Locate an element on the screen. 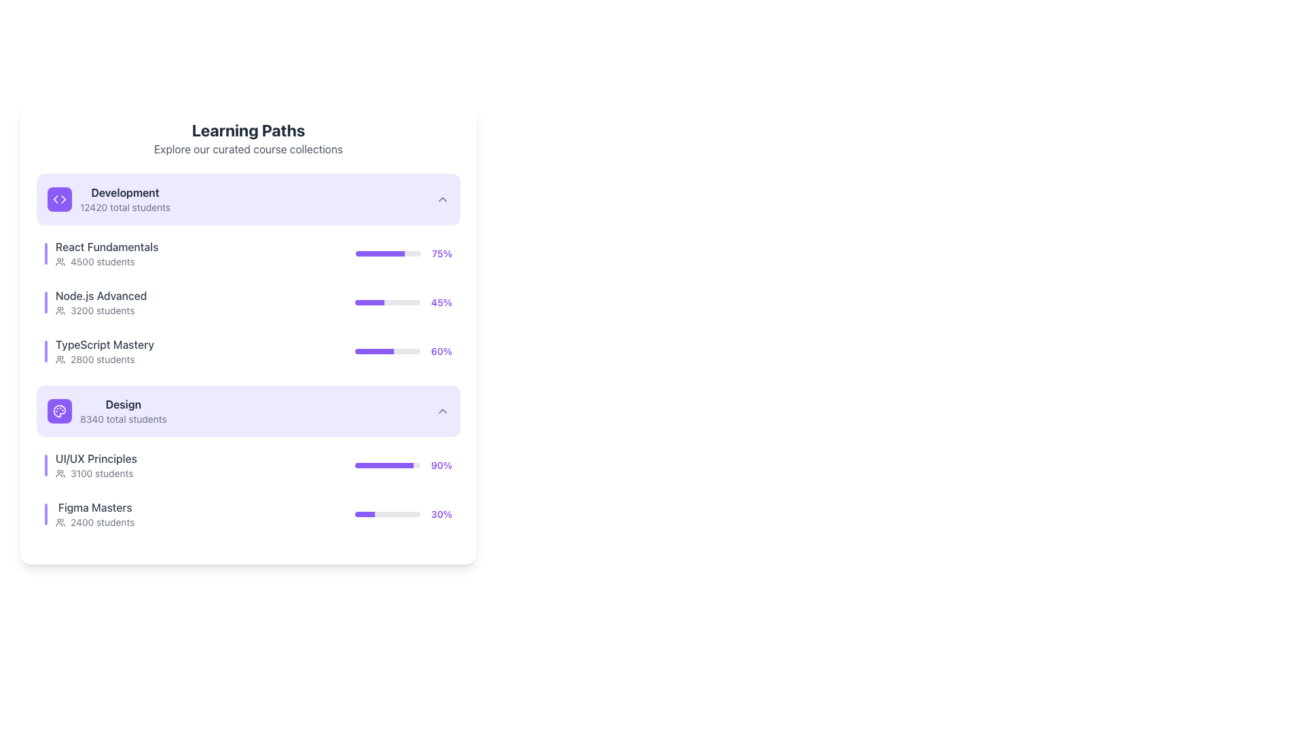 The width and height of the screenshot is (1304, 733). the first list item under the Development category is located at coordinates (101, 254).